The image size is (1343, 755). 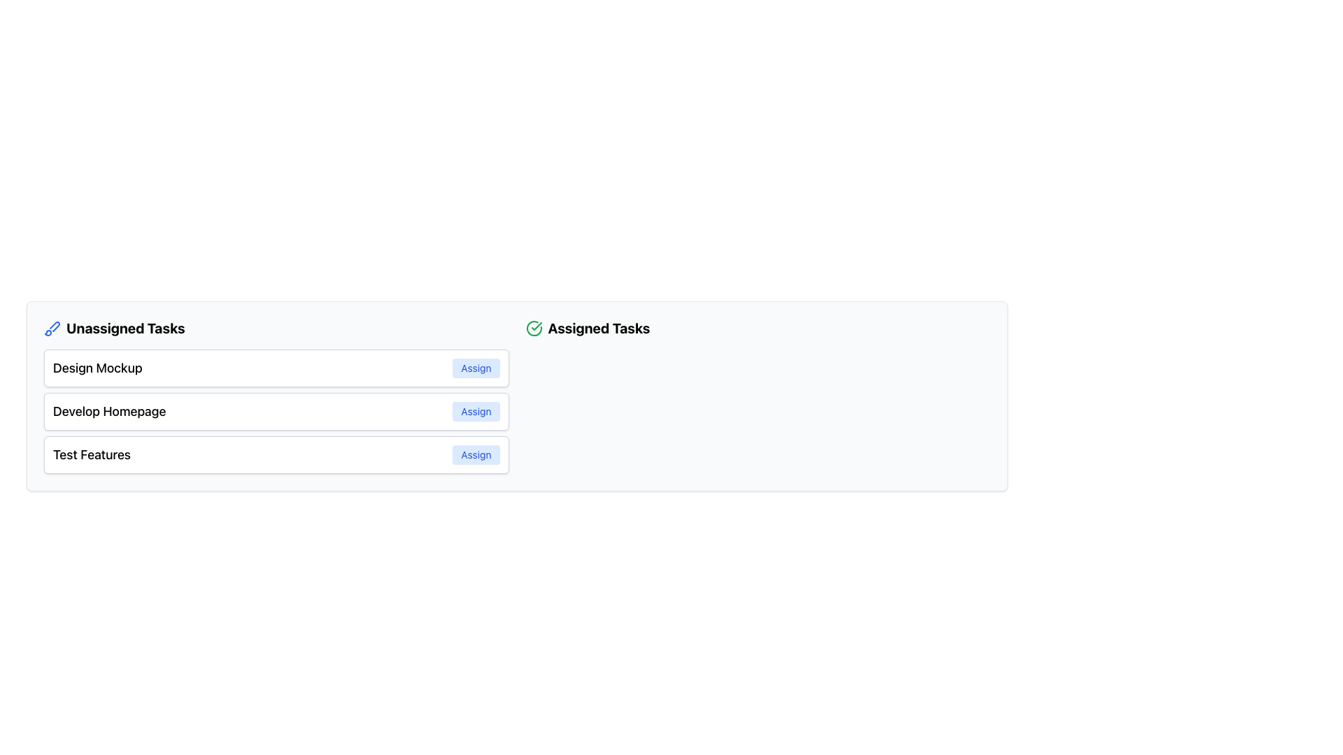 I want to click on the Text Label that serves as a title or identification for a row within a list, located next to the 'Assign' button, so click(x=91, y=455).